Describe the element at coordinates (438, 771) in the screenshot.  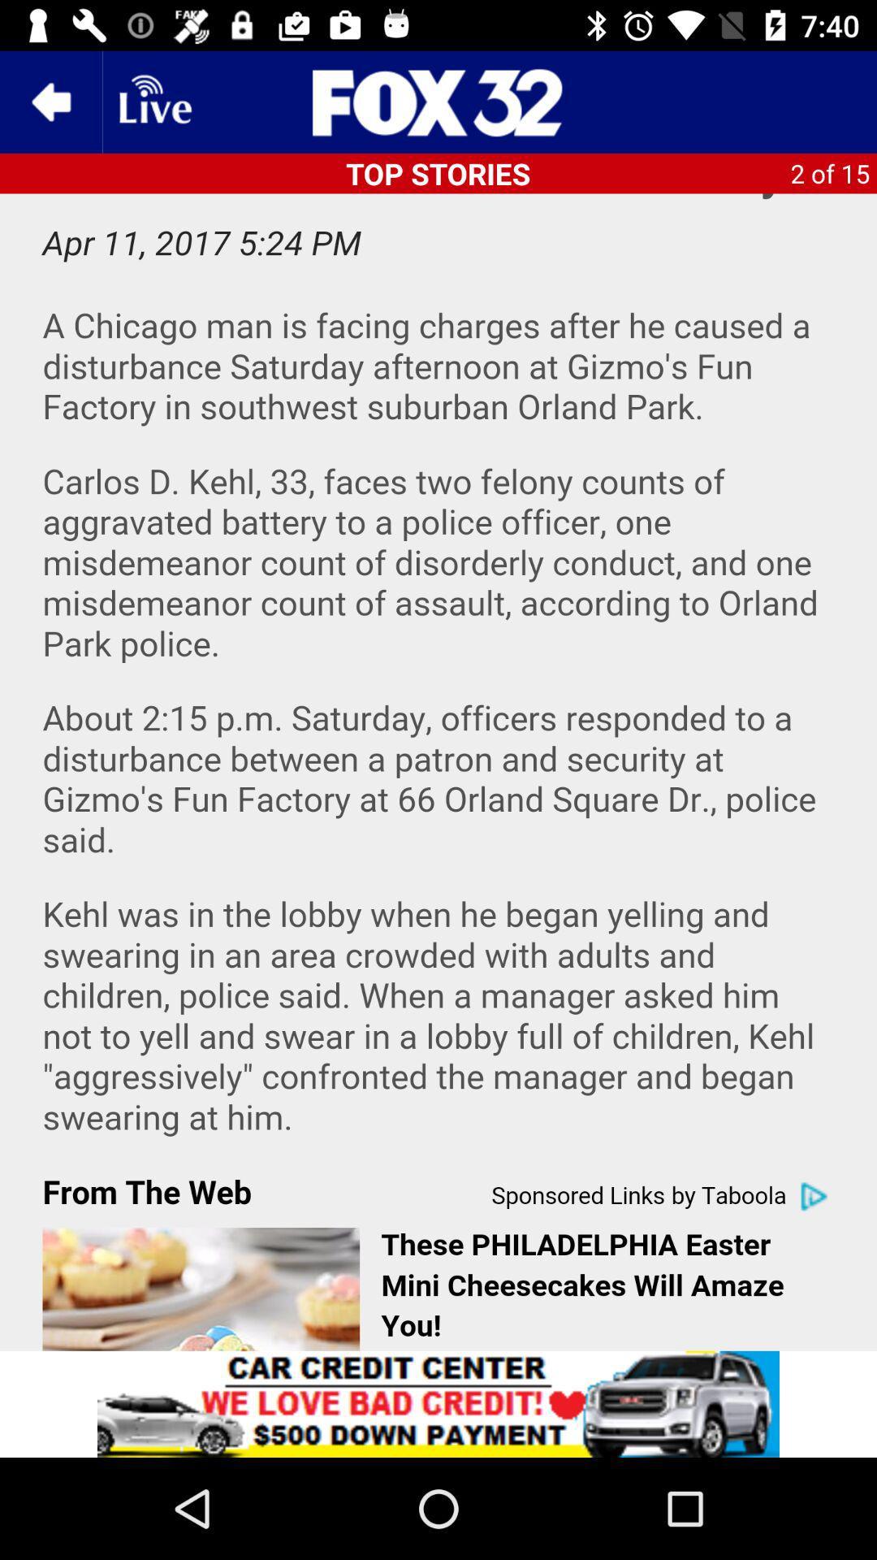
I see `sponsored link` at that location.